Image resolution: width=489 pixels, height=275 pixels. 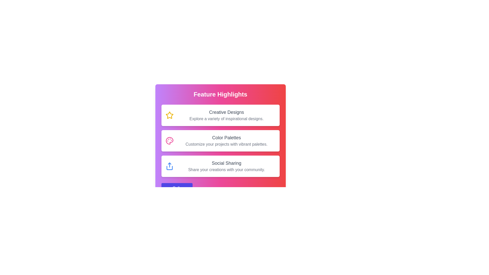 I want to click on the 'Collapse' button with a blue background and white text, so click(x=177, y=188).